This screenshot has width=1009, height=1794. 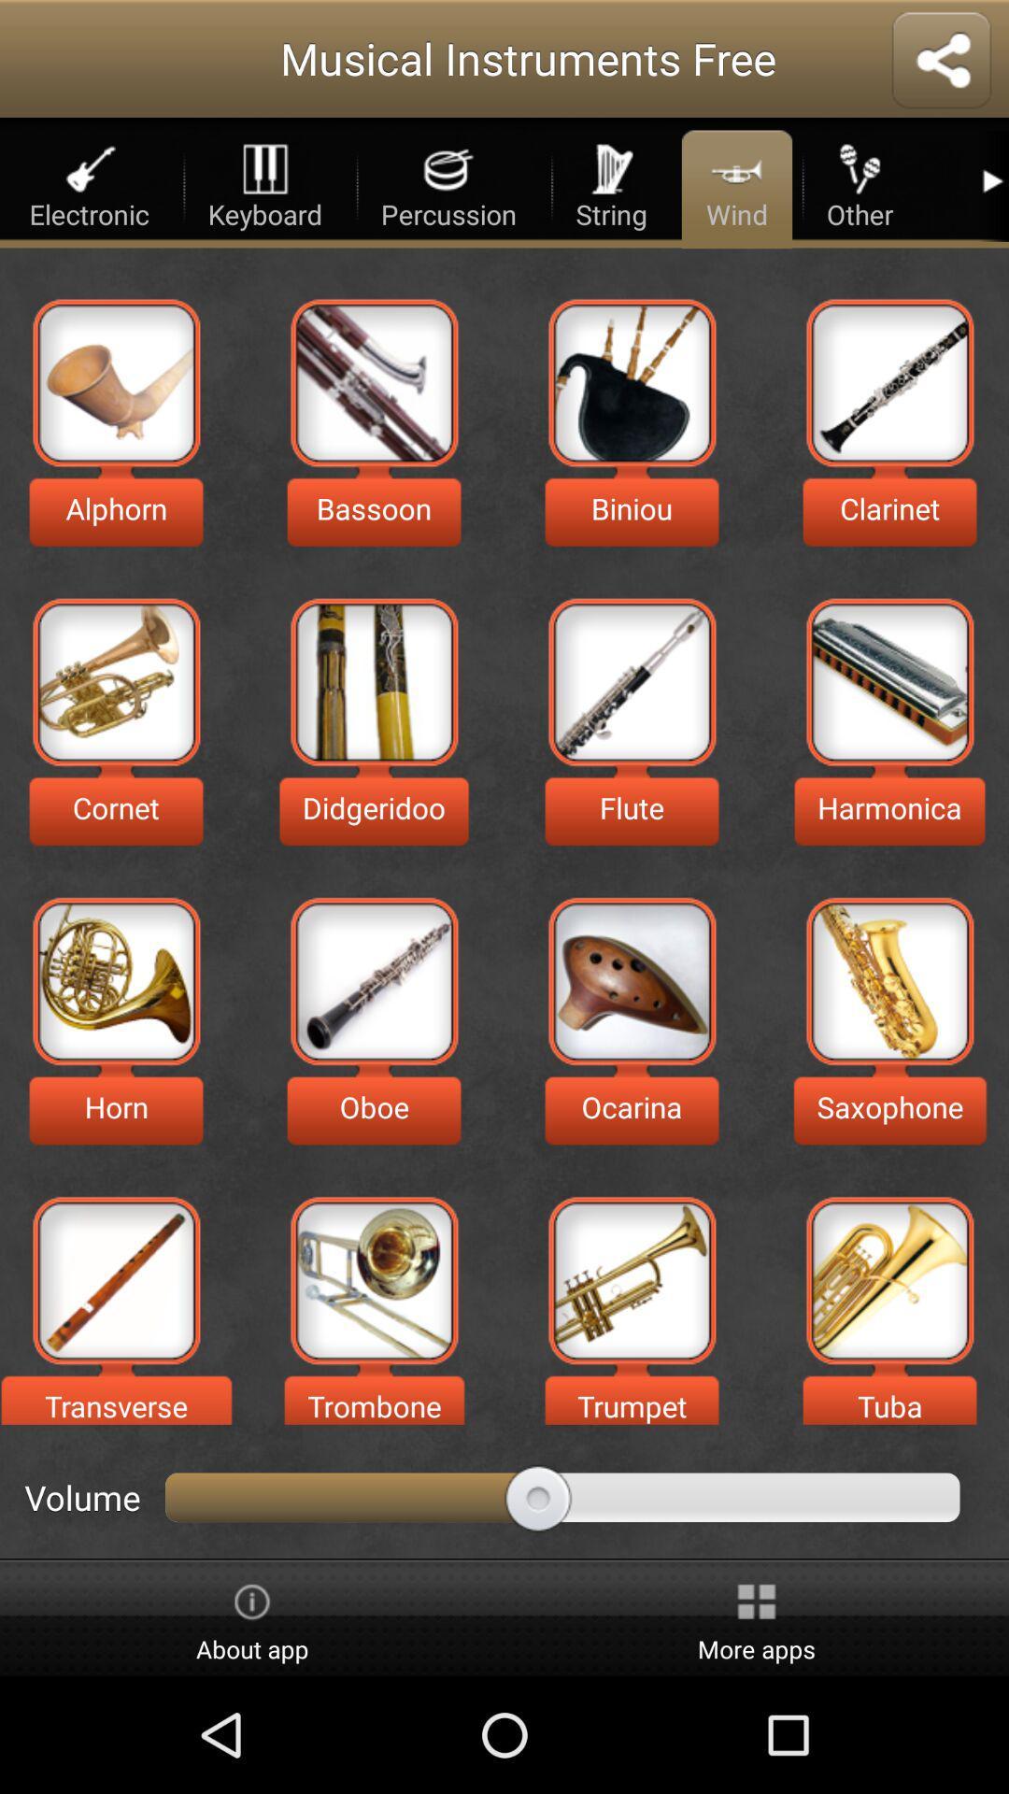 I want to click on harmonica, so click(x=888, y=681).